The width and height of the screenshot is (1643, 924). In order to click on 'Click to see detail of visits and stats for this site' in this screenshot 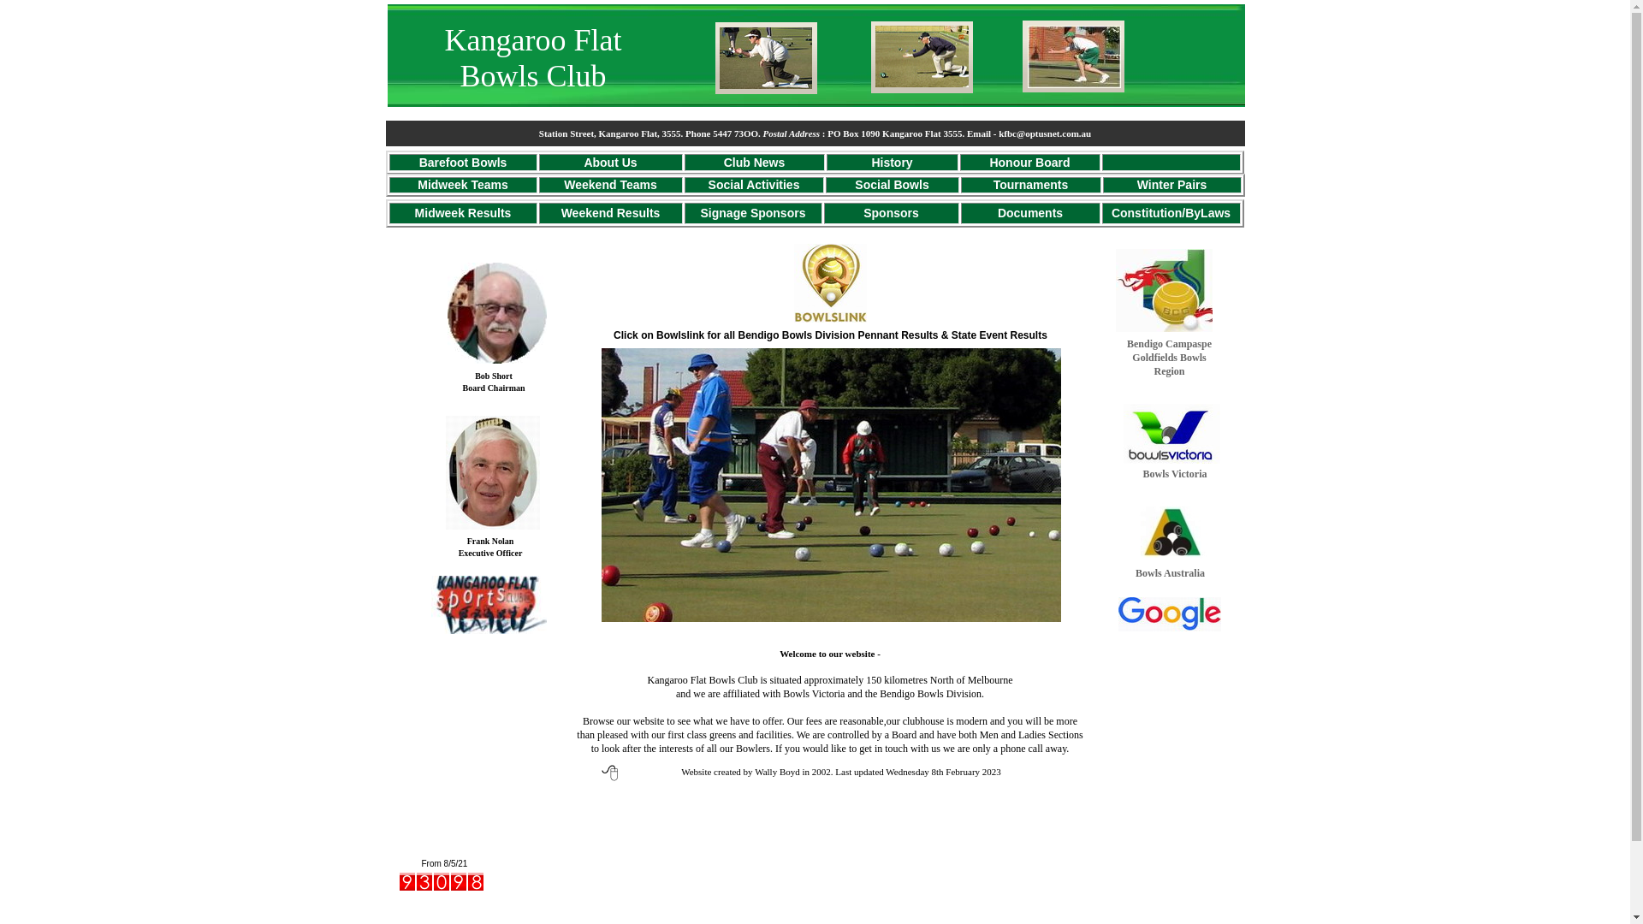, I will do `click(441, 881)`.